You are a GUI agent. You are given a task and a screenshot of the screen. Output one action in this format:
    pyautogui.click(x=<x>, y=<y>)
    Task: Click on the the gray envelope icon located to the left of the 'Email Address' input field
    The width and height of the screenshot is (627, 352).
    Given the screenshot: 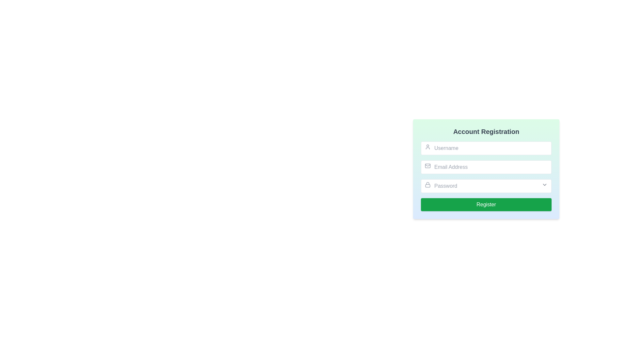 What is the action you would take?
    pyautogui.click(x=428, y=166)
    